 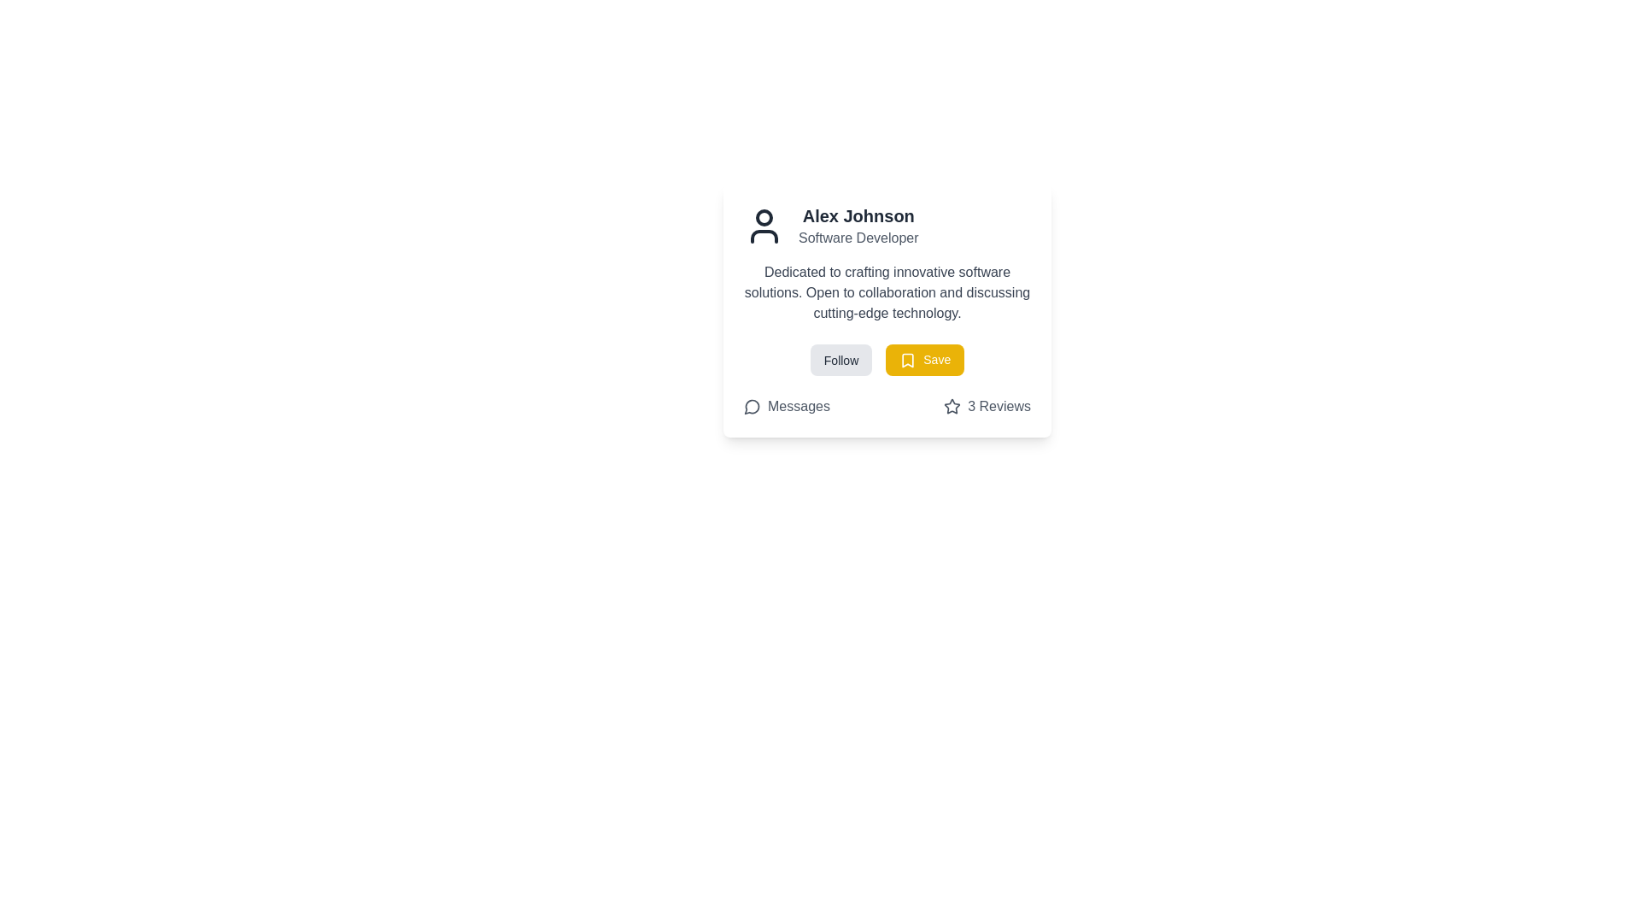 What do you see at coordinates (999, 407) in the screenshot?
I see `text label displaying '3 Reviews.' which is styled with a gray font and positioned next to a star icon in the bottom-right section of the profile card layout` at bounding box center [999, 407].